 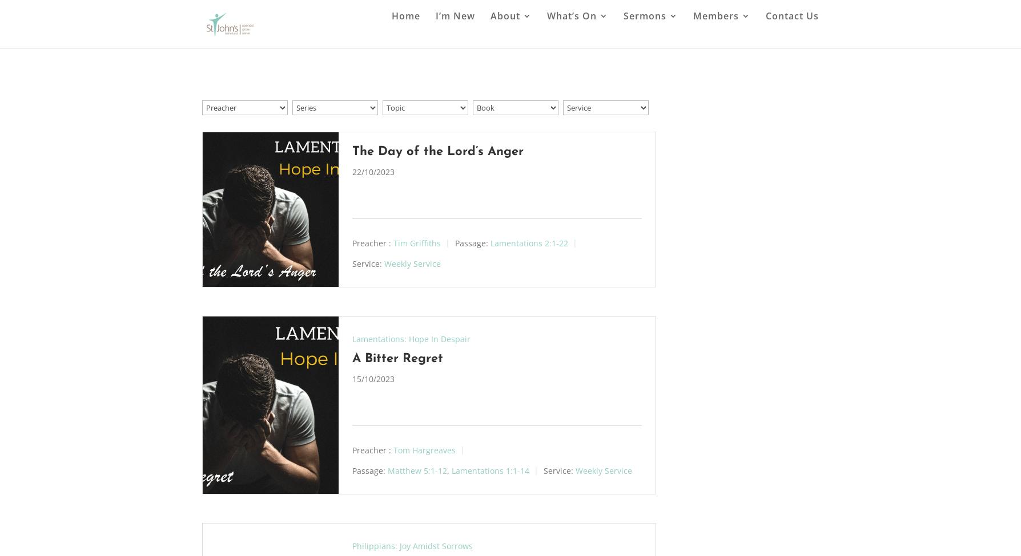 What do you see at coordinates (513, 88) in the screenshot?
I see `'About St John’s'` at bounding box center [513, 88].